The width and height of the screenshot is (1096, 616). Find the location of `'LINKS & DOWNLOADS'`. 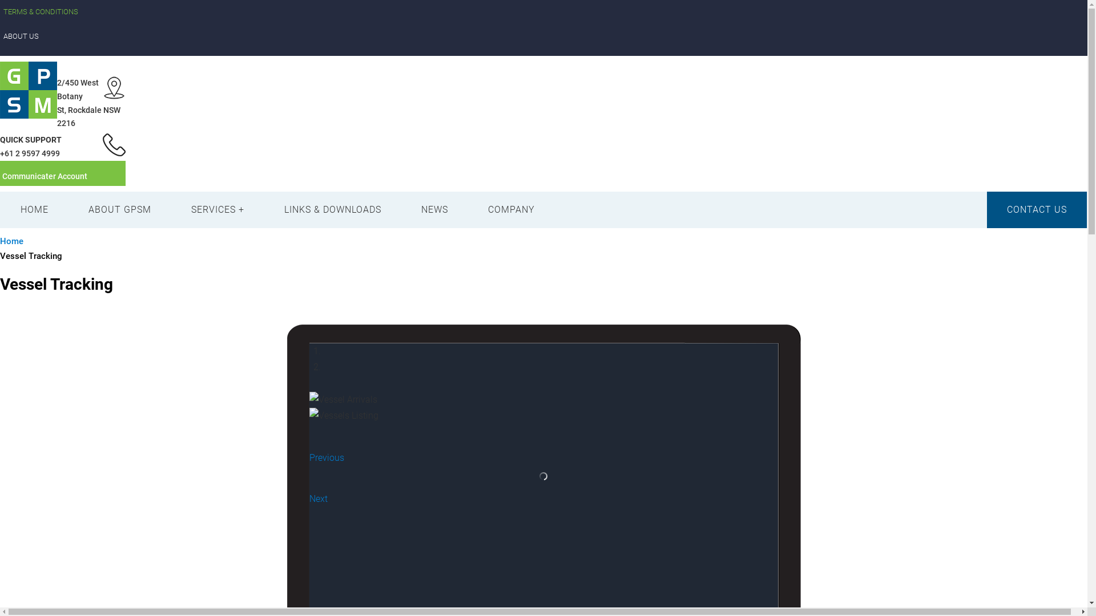

'LINKS & DOWNLOADS' is located at coordinates (263, 209).